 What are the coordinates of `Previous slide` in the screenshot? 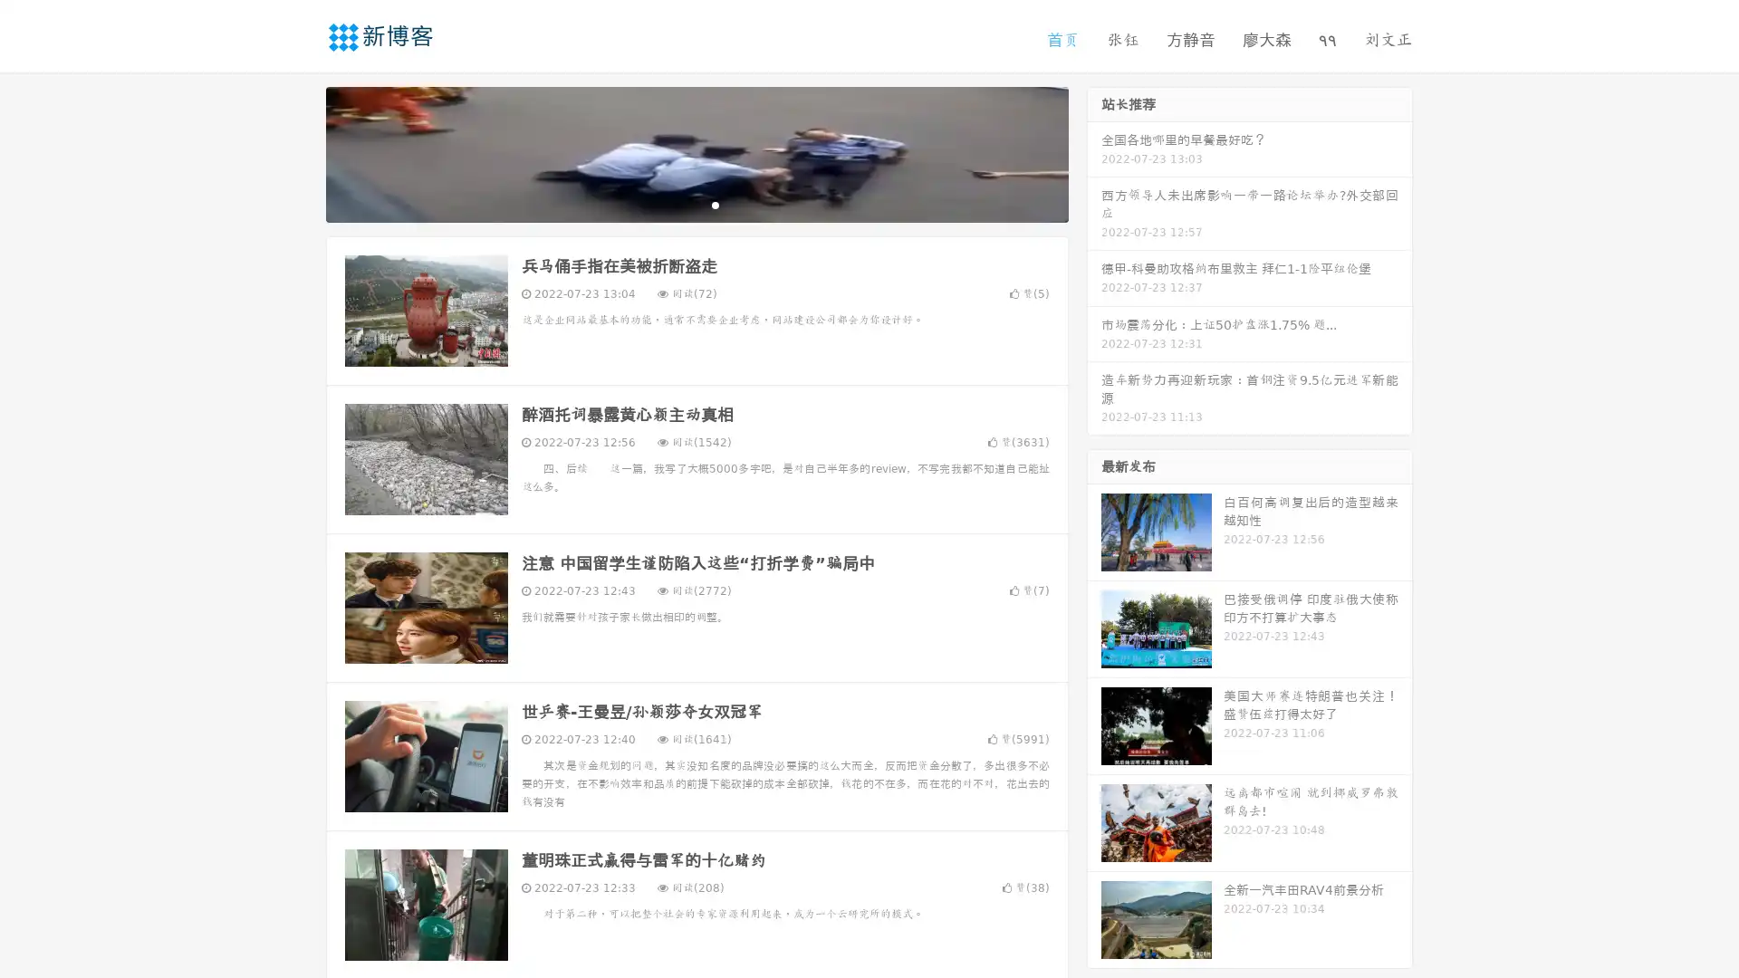 It's located at (299, 152).